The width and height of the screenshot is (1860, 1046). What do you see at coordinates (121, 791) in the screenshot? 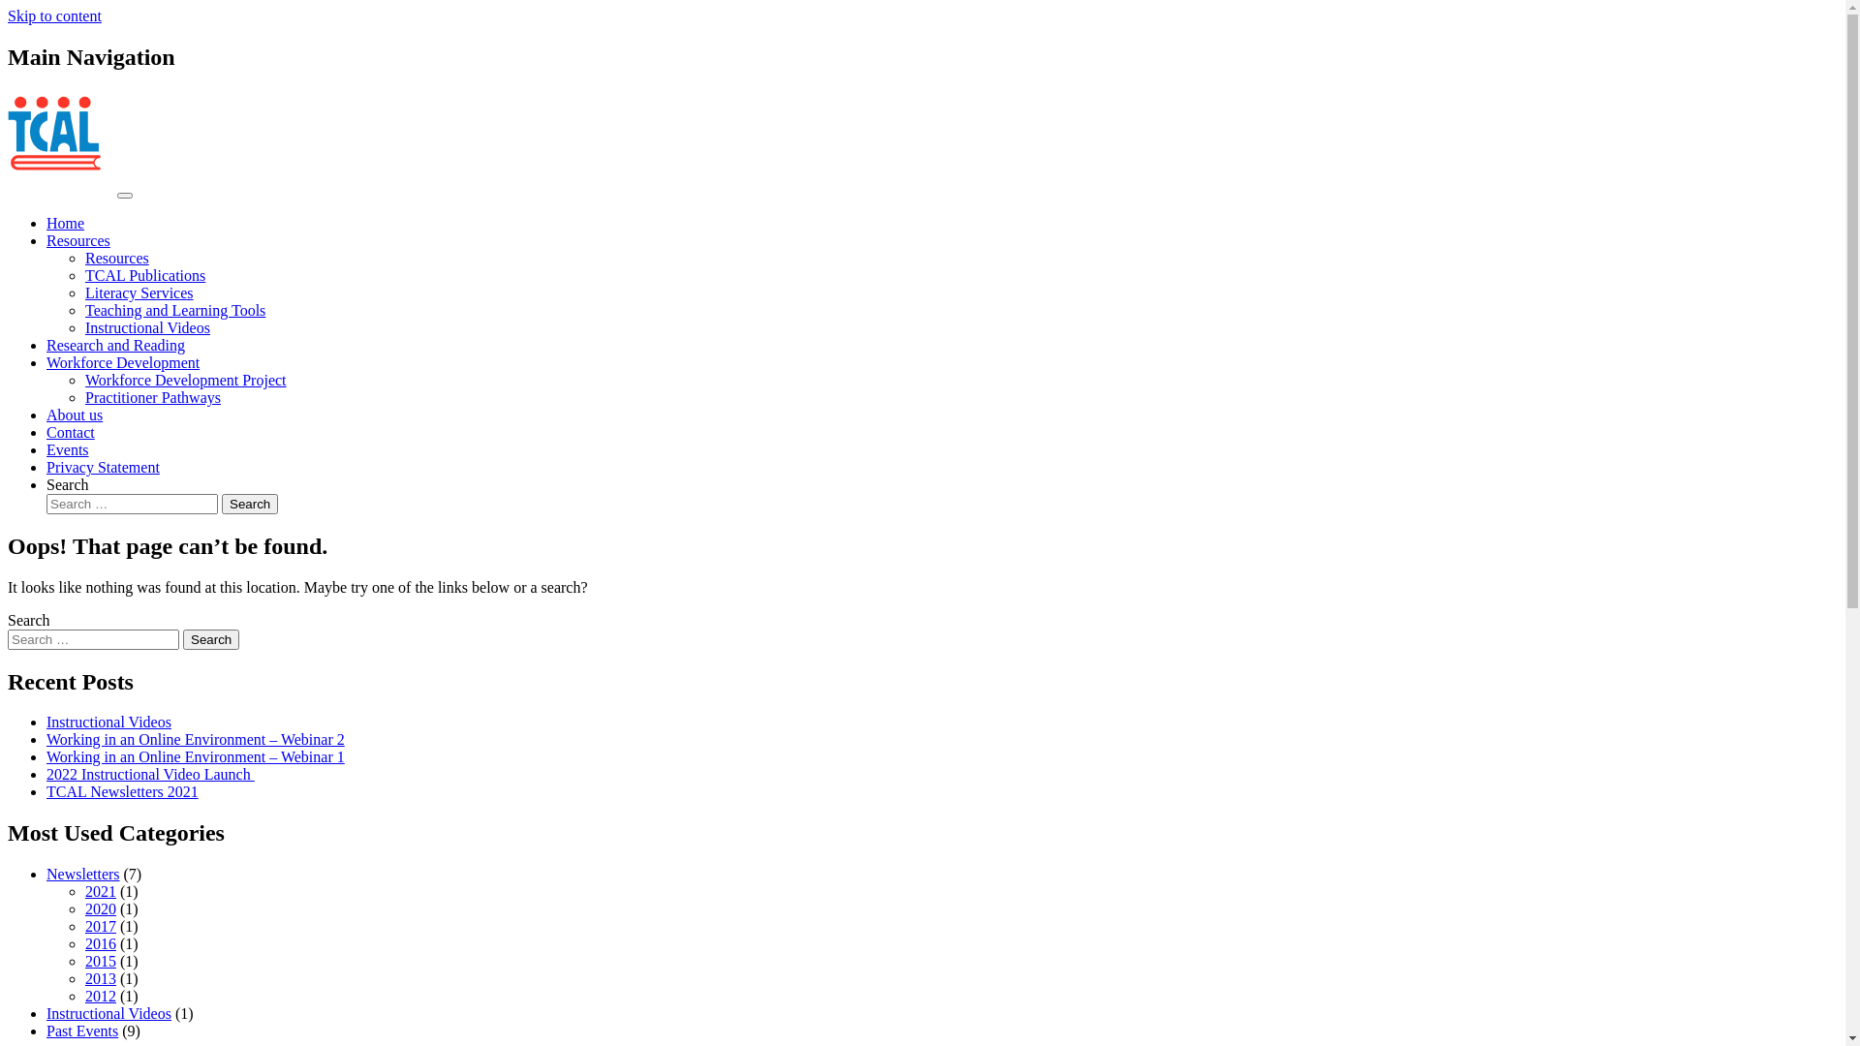
I see `'TCAL Newsletters 2021'` at bounding box center [121, 791].